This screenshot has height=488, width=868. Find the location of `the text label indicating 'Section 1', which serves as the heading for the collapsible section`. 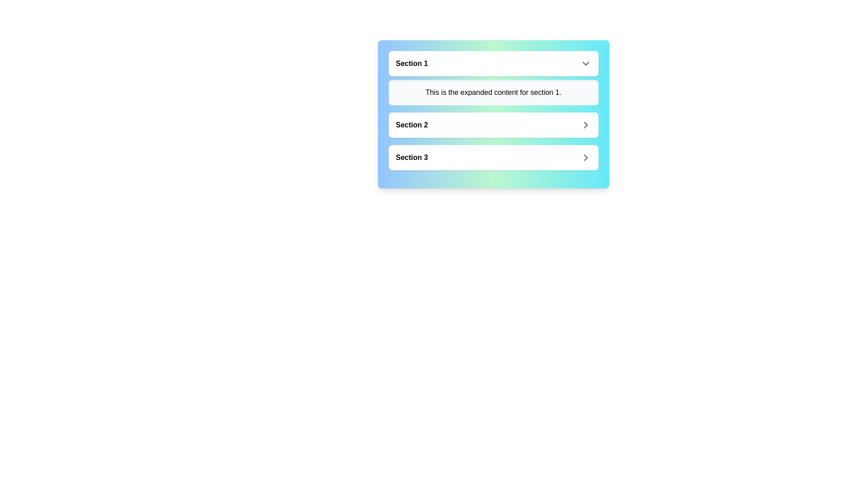

the text label indicating 'Section 1', which serves as the heading for the collapsible section is located at coordinates (411, 63).